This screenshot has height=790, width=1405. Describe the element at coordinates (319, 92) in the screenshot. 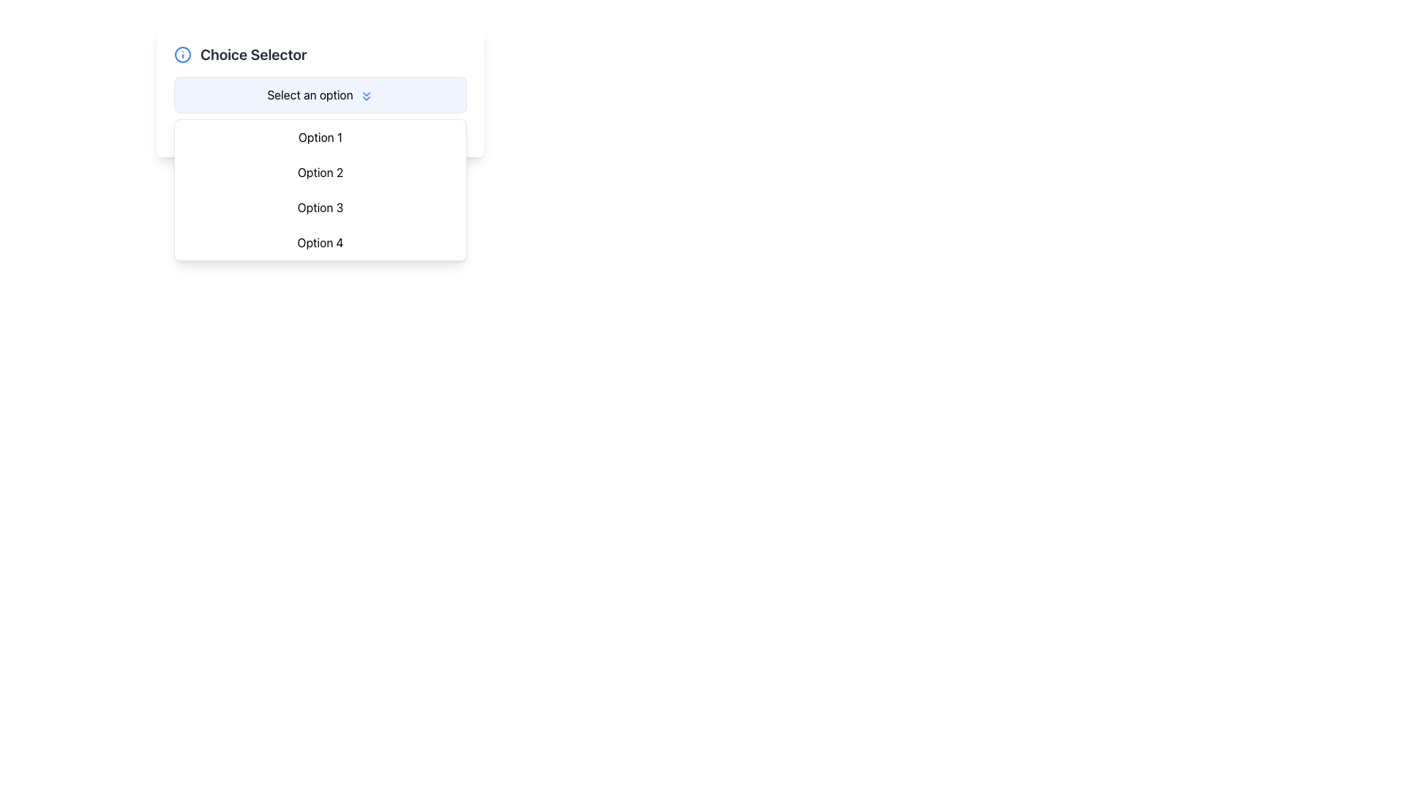

I see `the options in the 'Choice Selector' dropdown` at that location.